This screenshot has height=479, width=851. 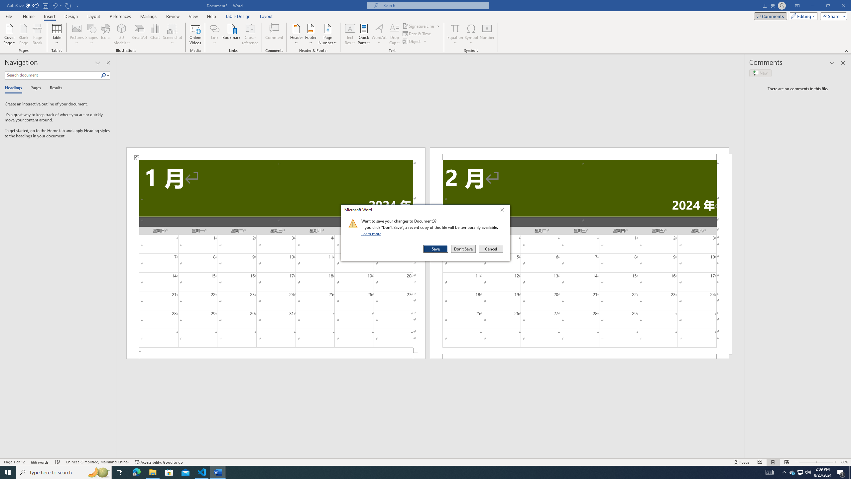 What do you see at coordinates (58, 462) in the screenshot?
I see `'Spelling and Grammar Check Checking'` at bounding box center [58, 462].